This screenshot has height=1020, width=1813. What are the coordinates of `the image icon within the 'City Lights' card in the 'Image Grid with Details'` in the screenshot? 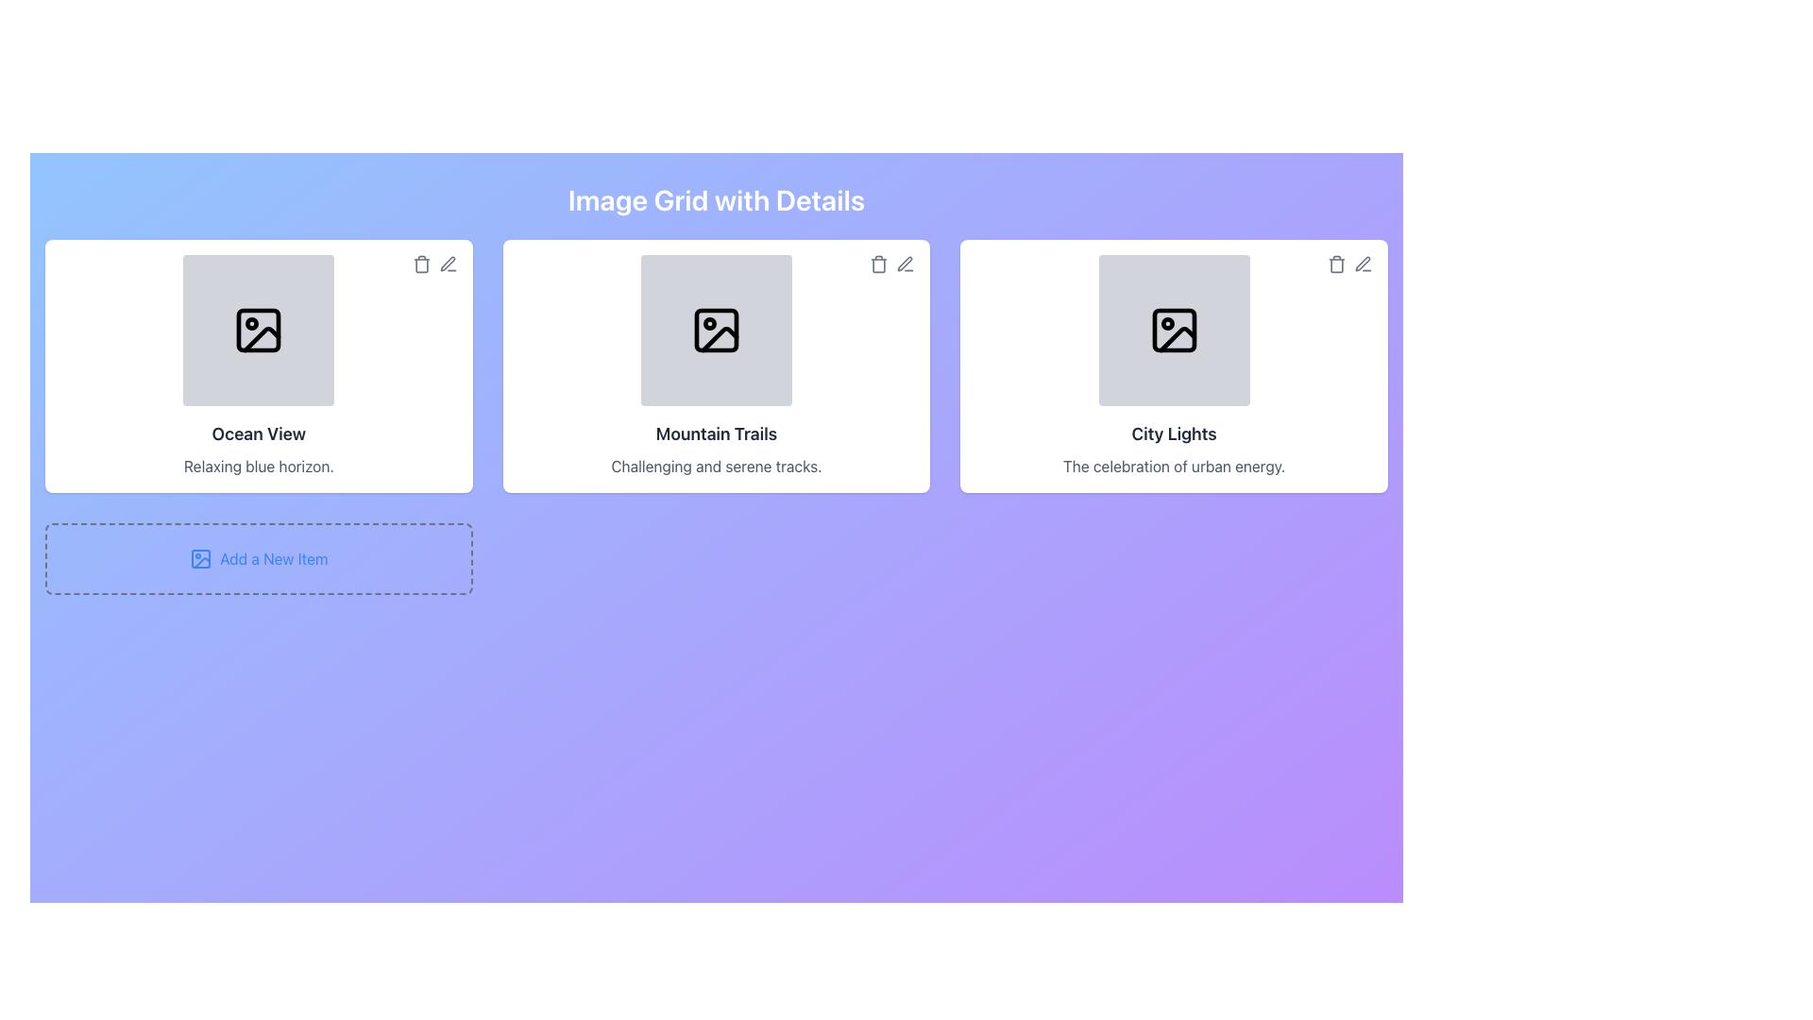 It's located at (1173, 330).